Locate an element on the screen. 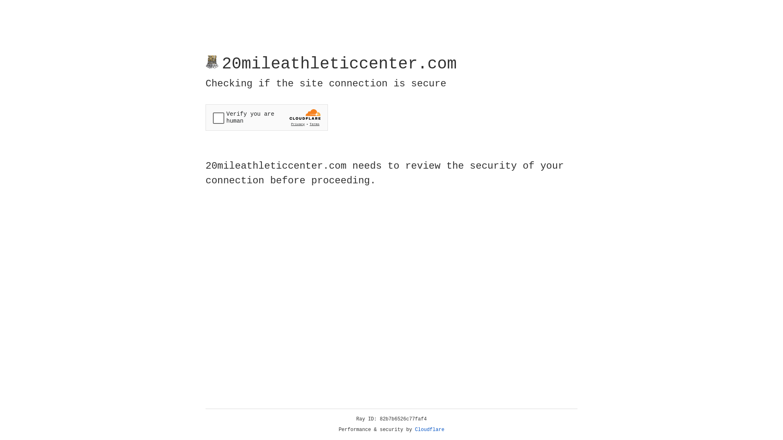  'Widget containing a Cloudflare security challenge' is located at coordinates (266, 117).